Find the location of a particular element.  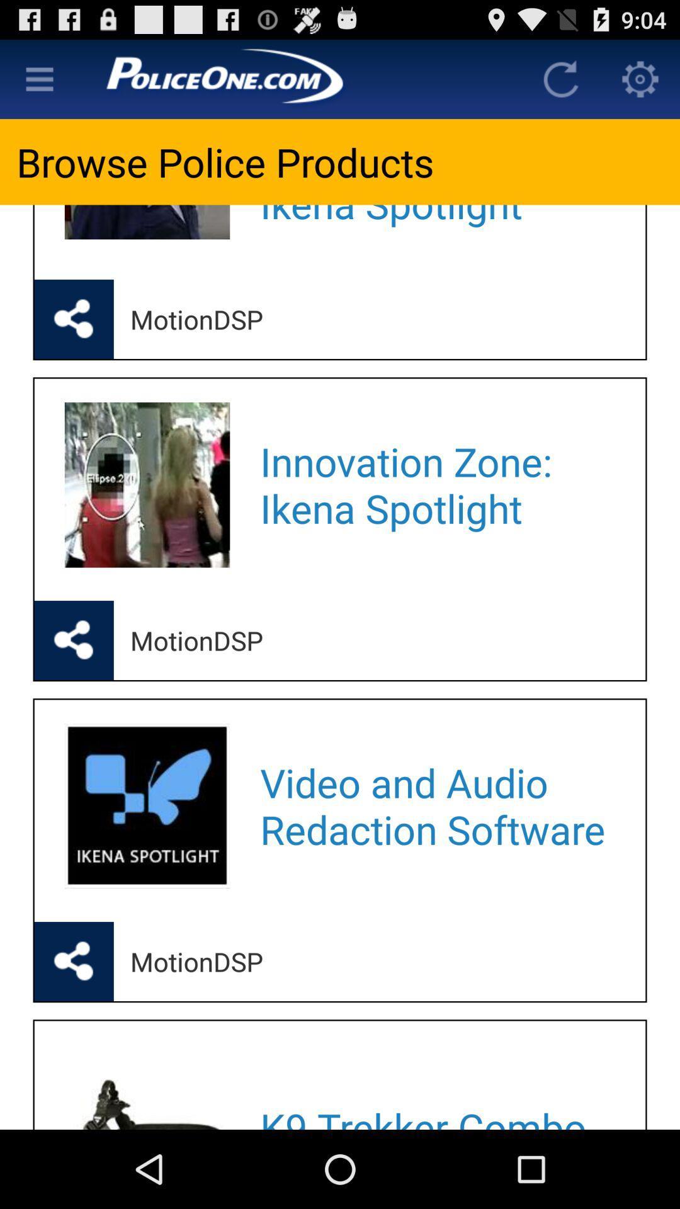

display settings is located at coordinates (640, 78).